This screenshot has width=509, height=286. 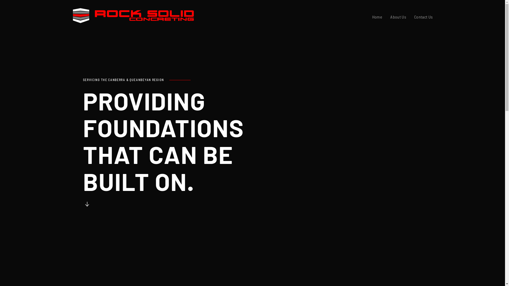 I want to click on 'About Us', so click(x=398, y=17).